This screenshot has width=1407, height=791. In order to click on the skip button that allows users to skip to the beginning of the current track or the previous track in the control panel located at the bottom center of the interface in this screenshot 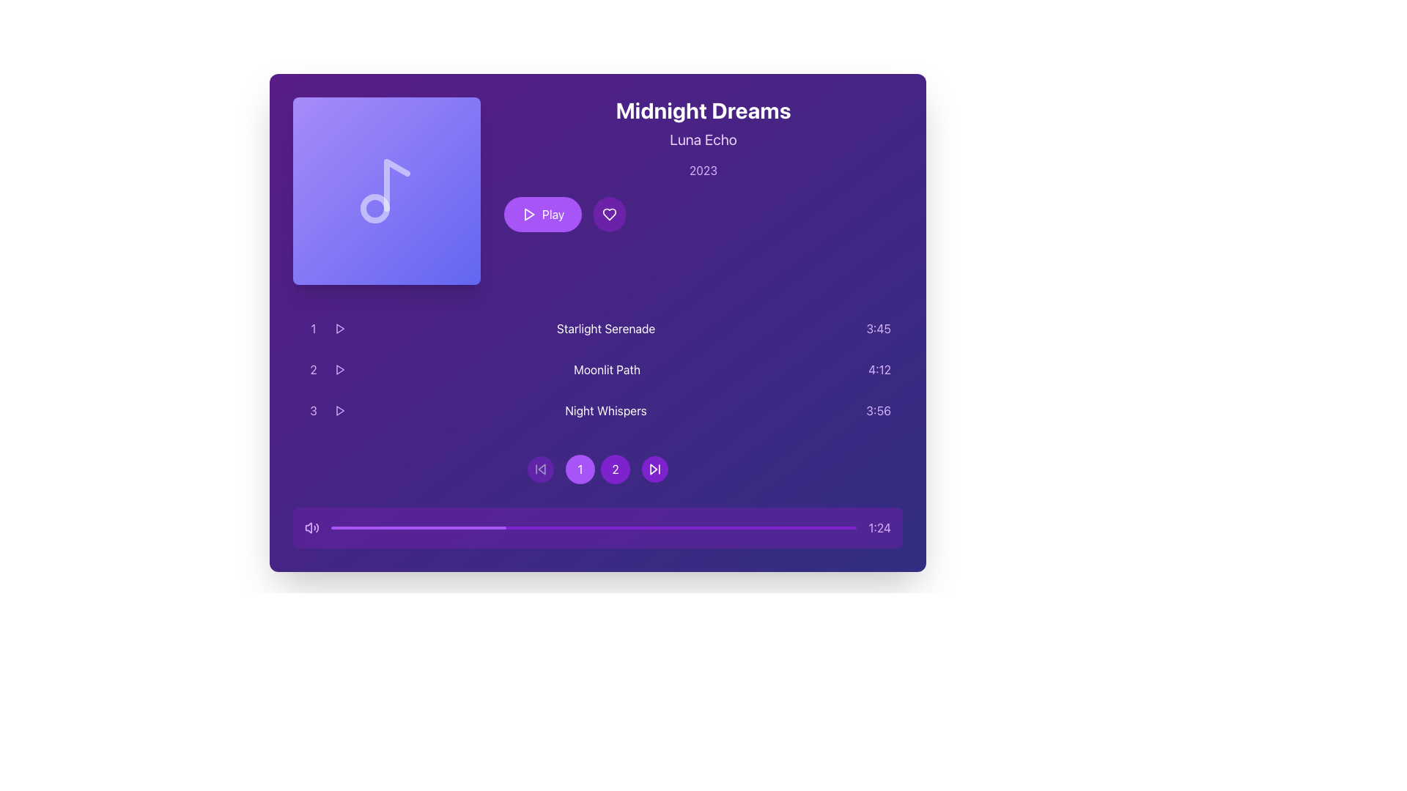, I will do `click(540, 469)`.